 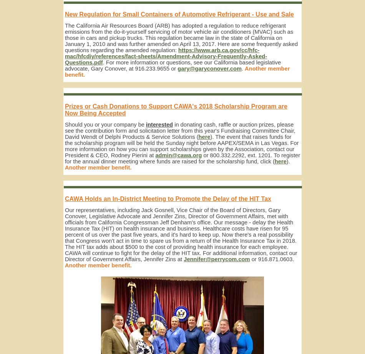 I want to click on '.', so click(x=241, y=68).